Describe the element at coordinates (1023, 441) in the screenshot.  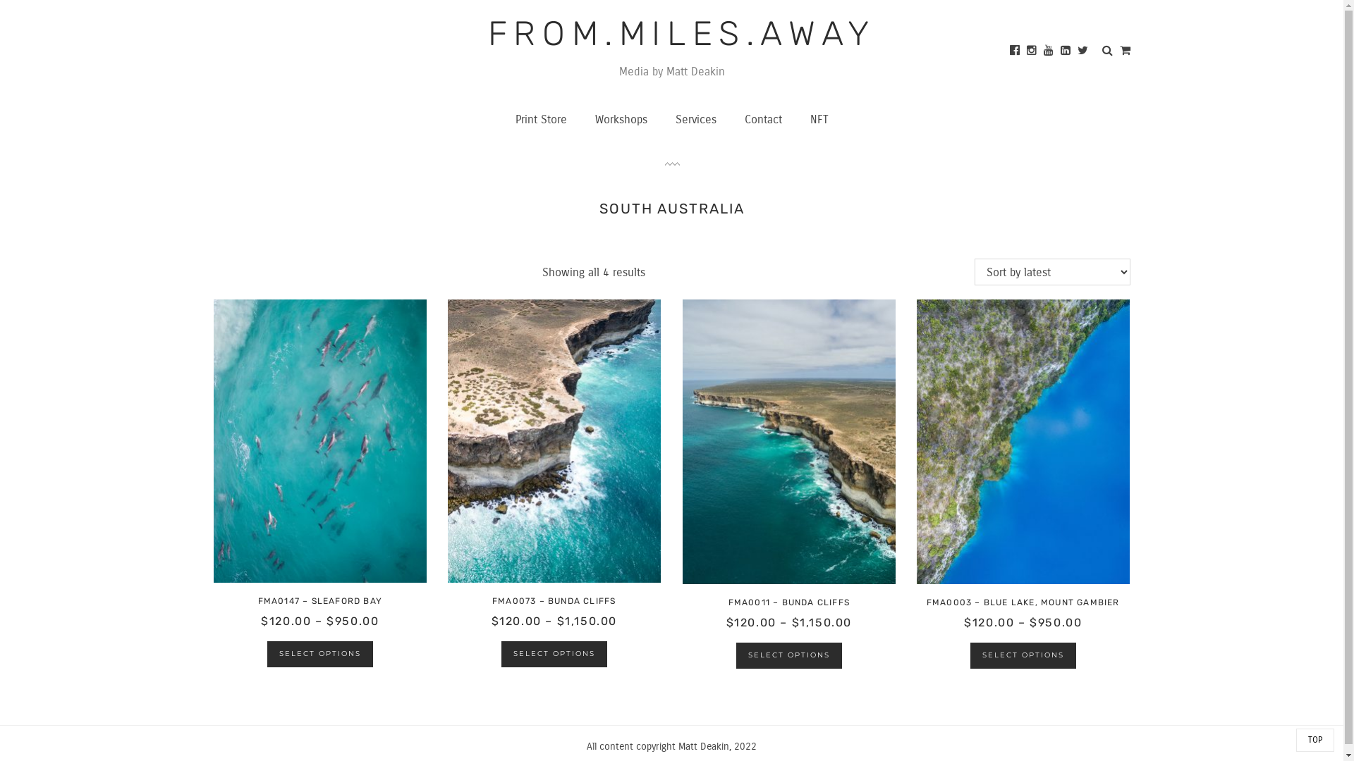
I see `'FMA0003 - POR'` at that location.